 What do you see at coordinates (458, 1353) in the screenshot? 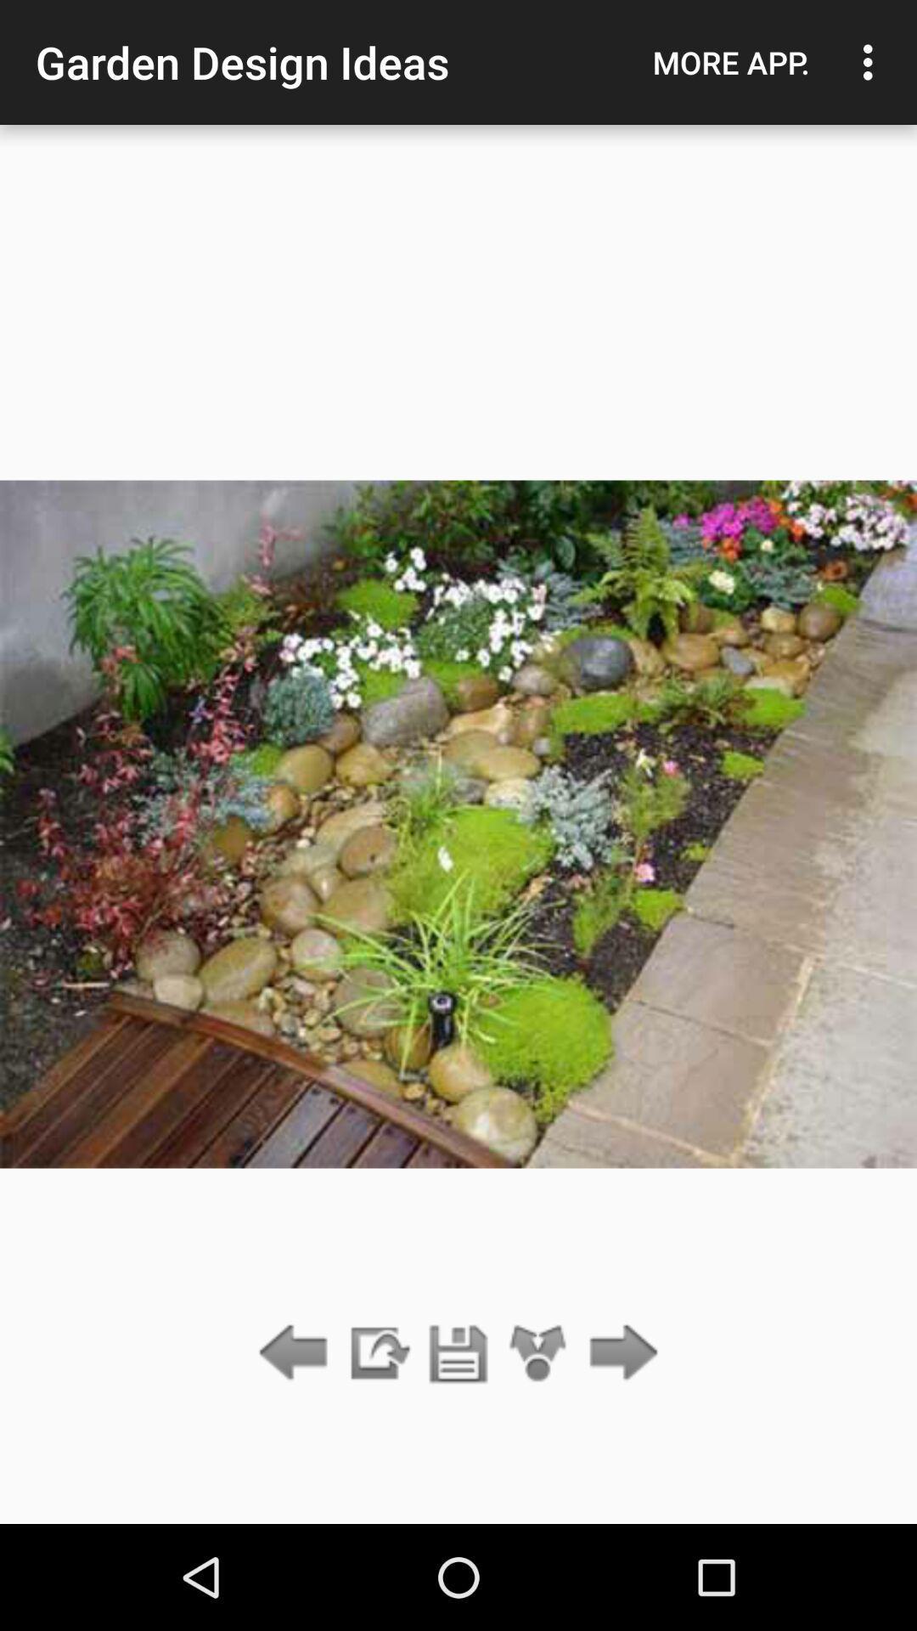
I see `the image` at bounding box center [458, 1353].